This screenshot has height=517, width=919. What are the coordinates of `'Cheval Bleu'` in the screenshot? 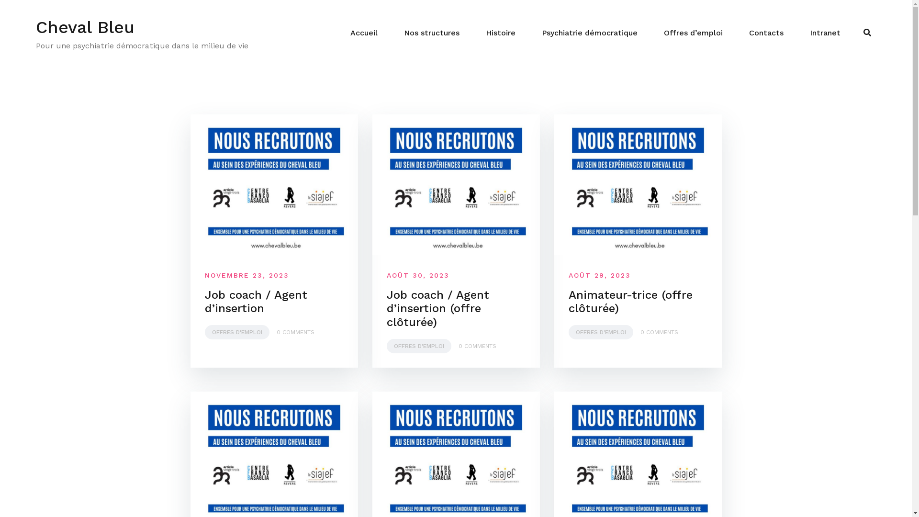 It's located at (85, 27).